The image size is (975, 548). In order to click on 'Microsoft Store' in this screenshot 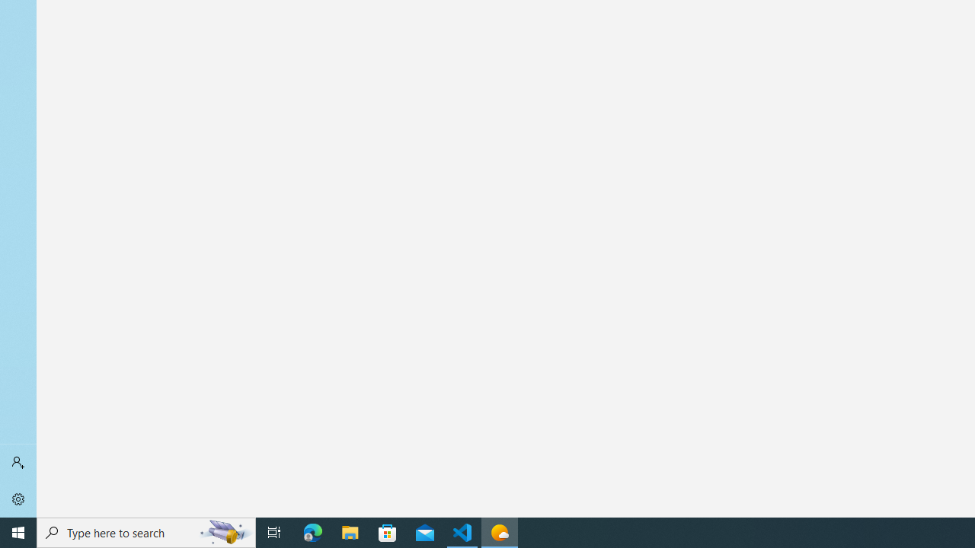, I will do `click(388, 531)`.